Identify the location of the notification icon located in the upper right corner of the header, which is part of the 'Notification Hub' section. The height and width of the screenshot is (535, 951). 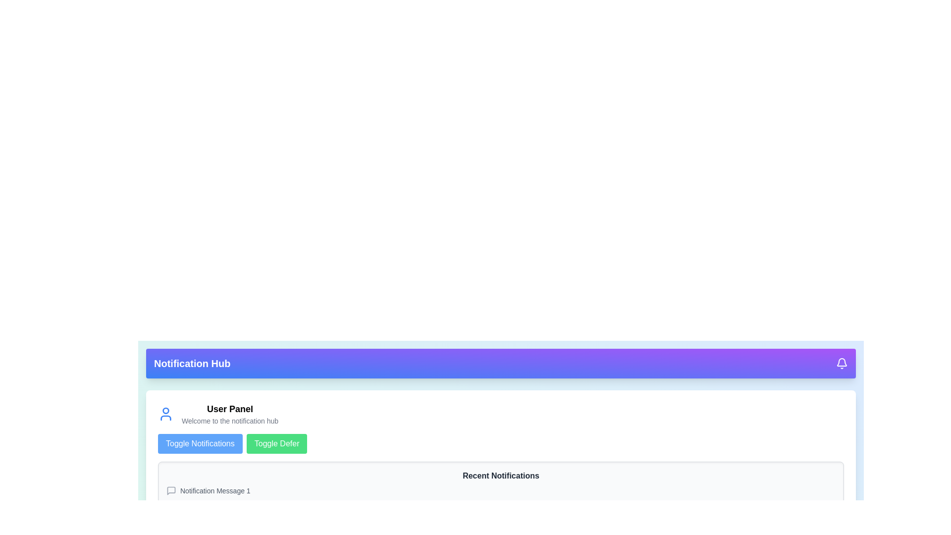
(841, 363).